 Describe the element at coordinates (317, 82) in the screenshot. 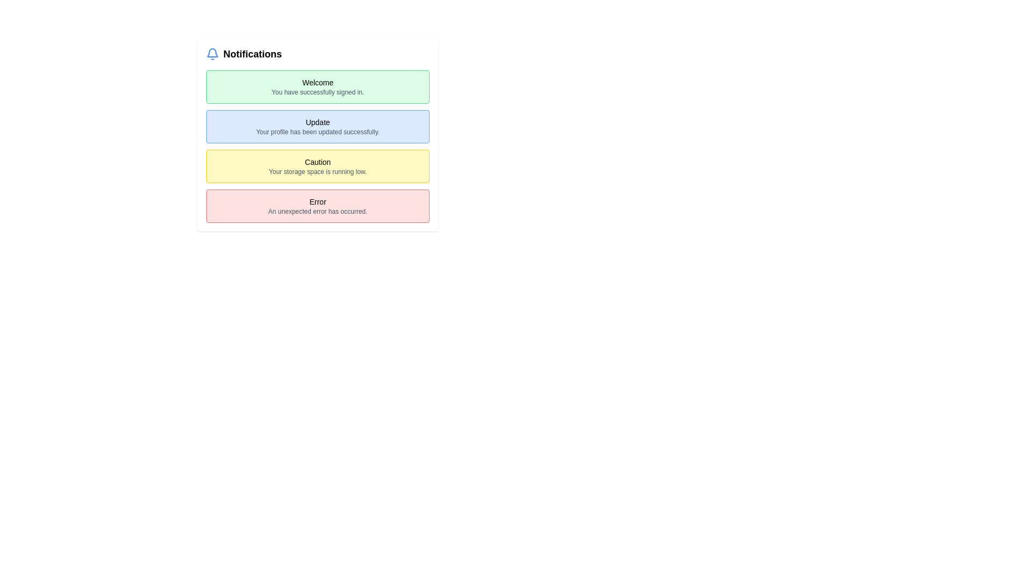

I see `text from the Text Label displaying 'Welcome', which is located at the top of the green notification box in the notification list` at that location.